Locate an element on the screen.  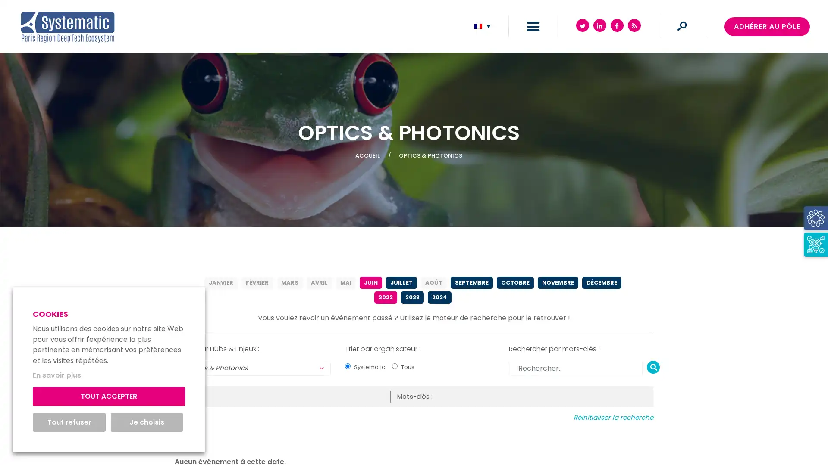
Tout refuser is located at coordinates (69, 422).